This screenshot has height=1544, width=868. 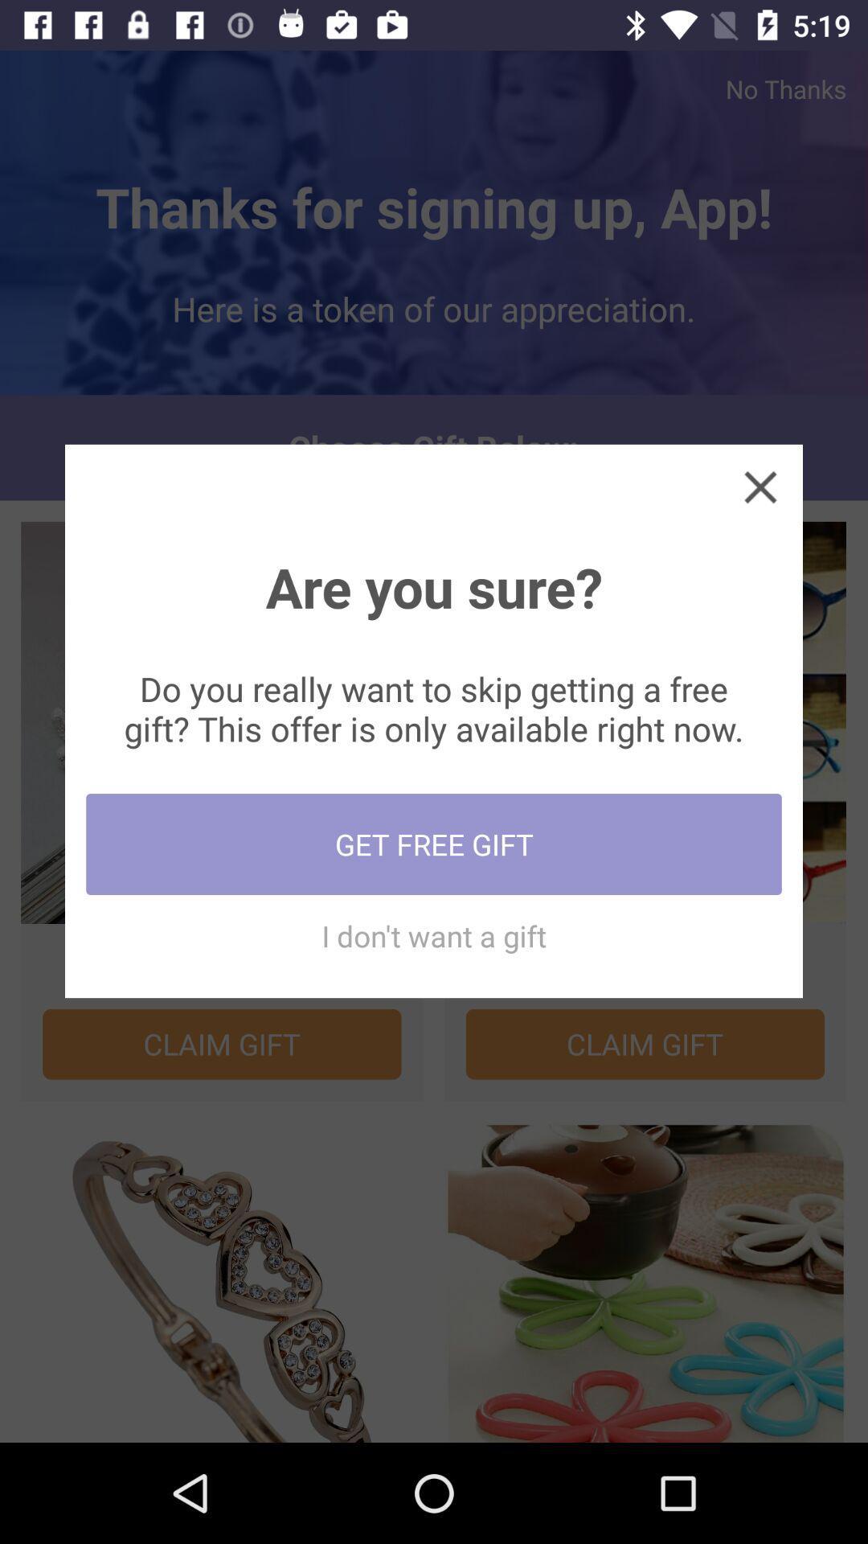 I want to click on pop-up, so click(x=759, y=486).